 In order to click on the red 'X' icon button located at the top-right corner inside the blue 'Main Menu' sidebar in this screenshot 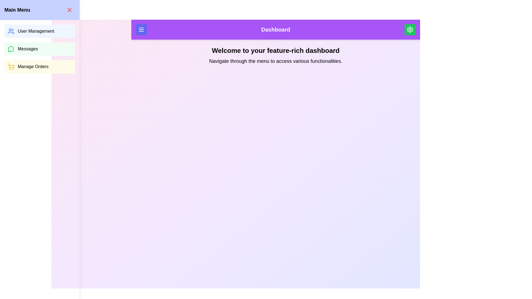, I will do `click(69, 10)`.